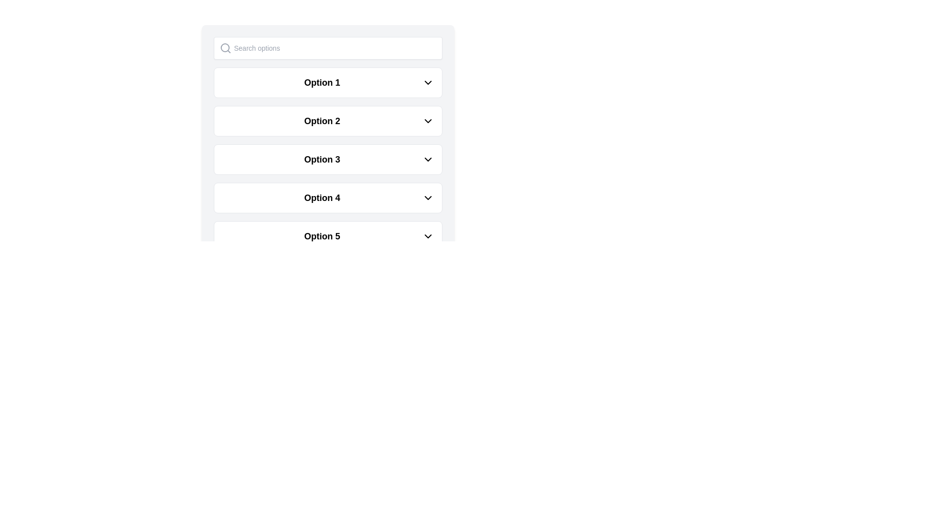 The width and height of the screenshot is (946, 532). What do you see at coordinates (428, 159) in the screenshot?
I see `the downwards chevron icon at the far right edge of the 'Option 3' row` at bounding box center [428, 159].